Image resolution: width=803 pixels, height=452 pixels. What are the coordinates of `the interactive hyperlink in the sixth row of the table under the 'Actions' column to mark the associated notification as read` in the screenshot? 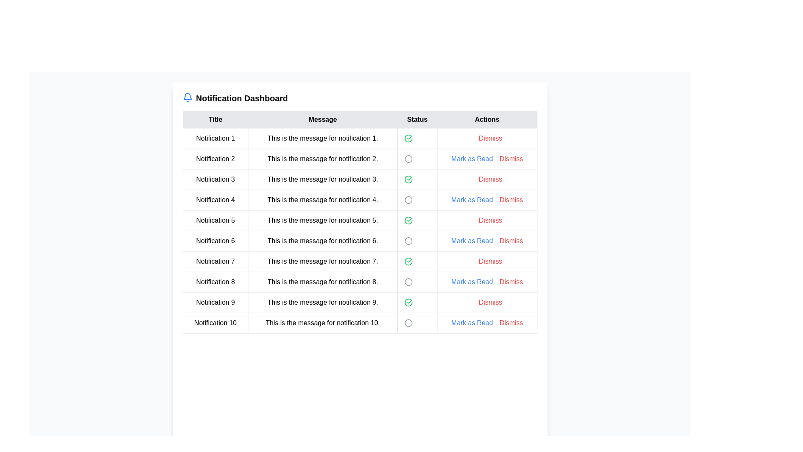 It's located at (472, 241).